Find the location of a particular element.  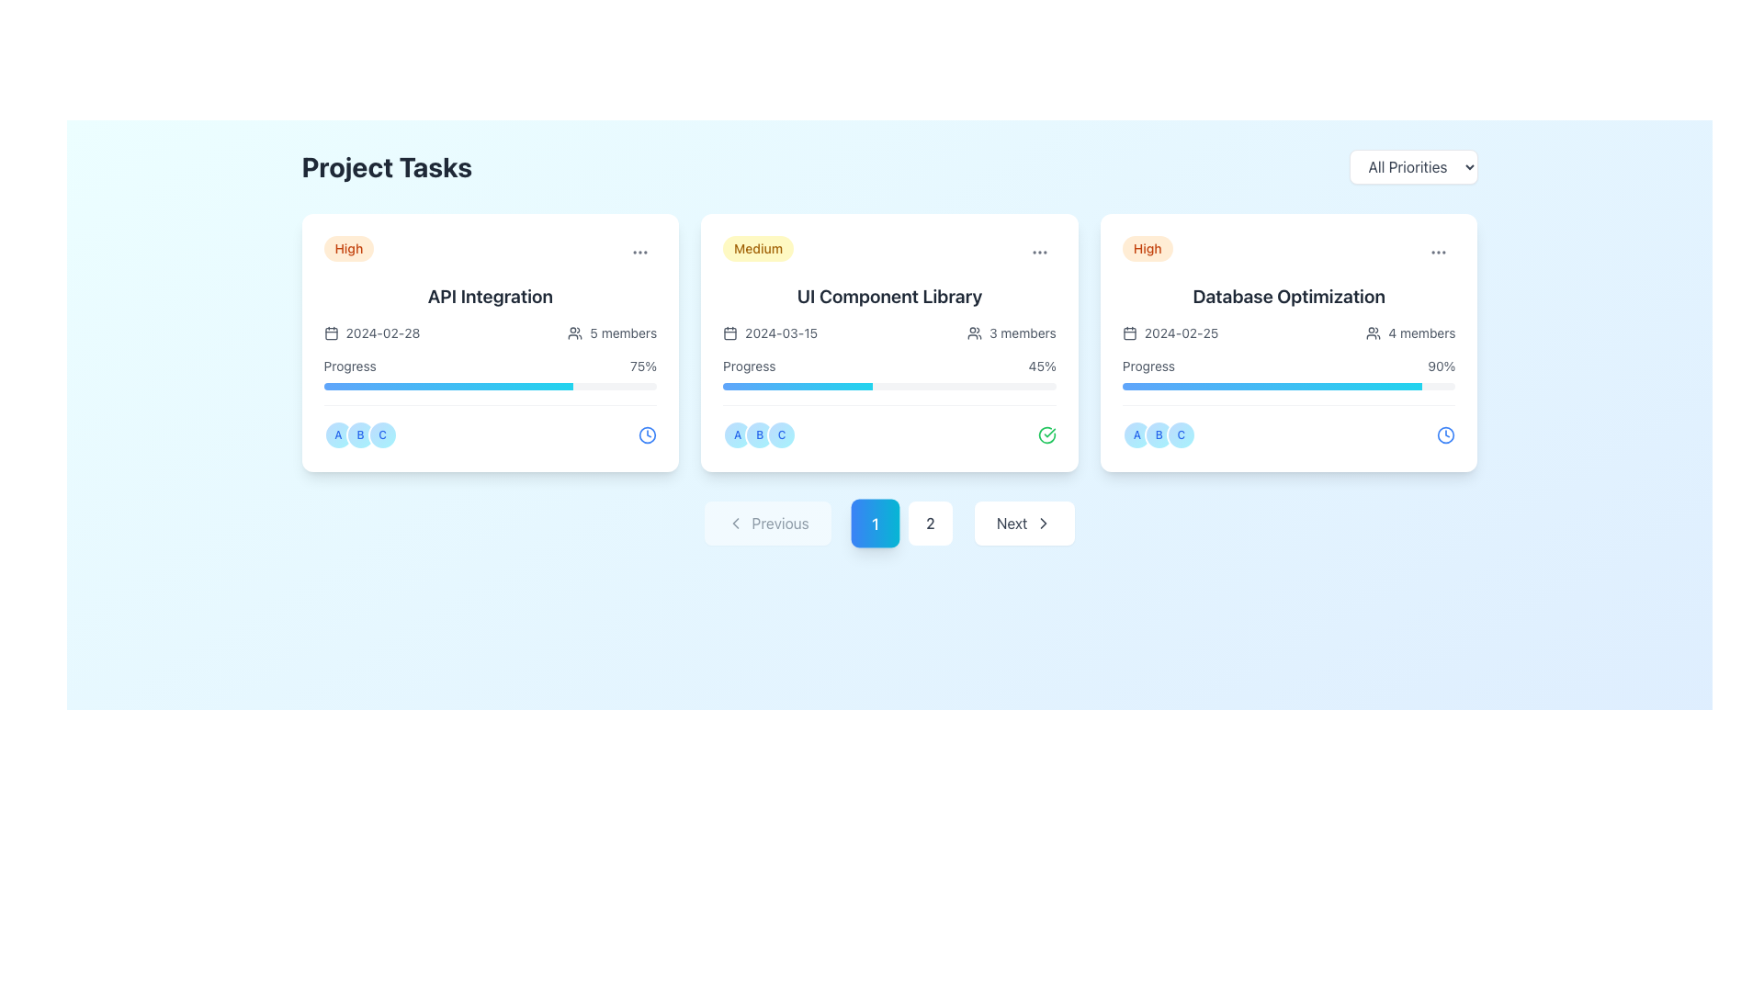

the Text label that displays the progress percentage for the 'Database Optimization' task is located at coordinates (1441, 366).